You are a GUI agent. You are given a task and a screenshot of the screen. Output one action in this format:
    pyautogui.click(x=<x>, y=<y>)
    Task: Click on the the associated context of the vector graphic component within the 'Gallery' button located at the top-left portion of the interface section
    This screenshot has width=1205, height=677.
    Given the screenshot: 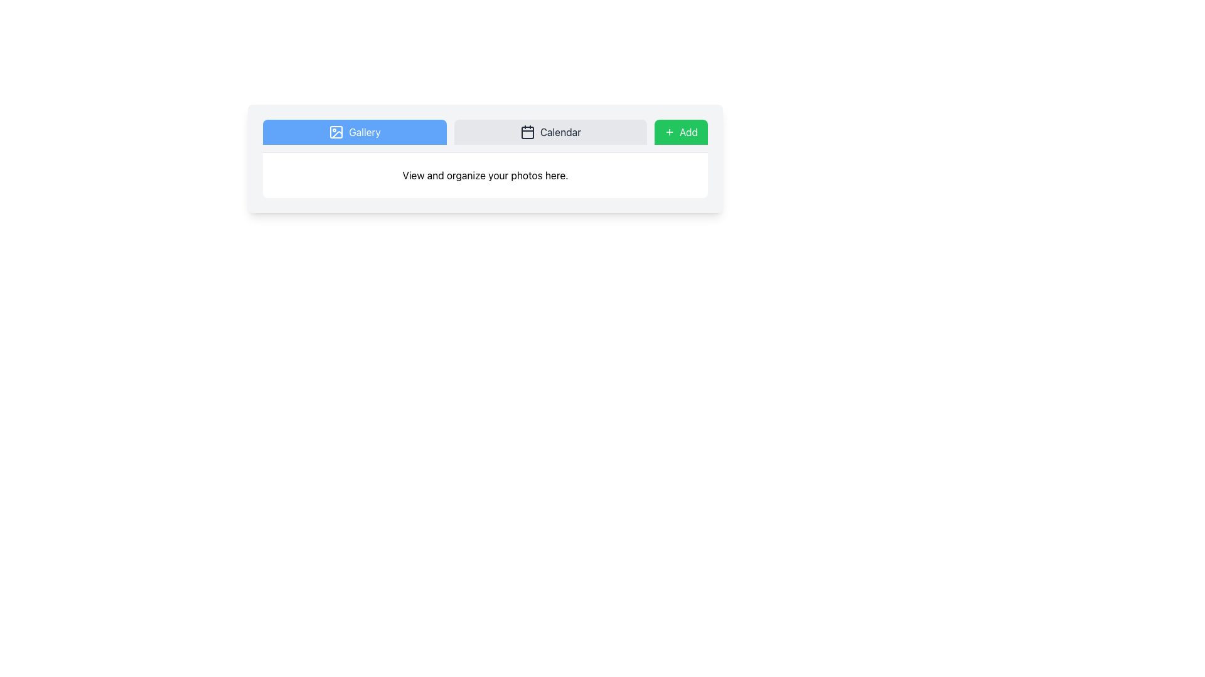 What is the action you would take?
    pyautogui.click(x=337, y=135)
    